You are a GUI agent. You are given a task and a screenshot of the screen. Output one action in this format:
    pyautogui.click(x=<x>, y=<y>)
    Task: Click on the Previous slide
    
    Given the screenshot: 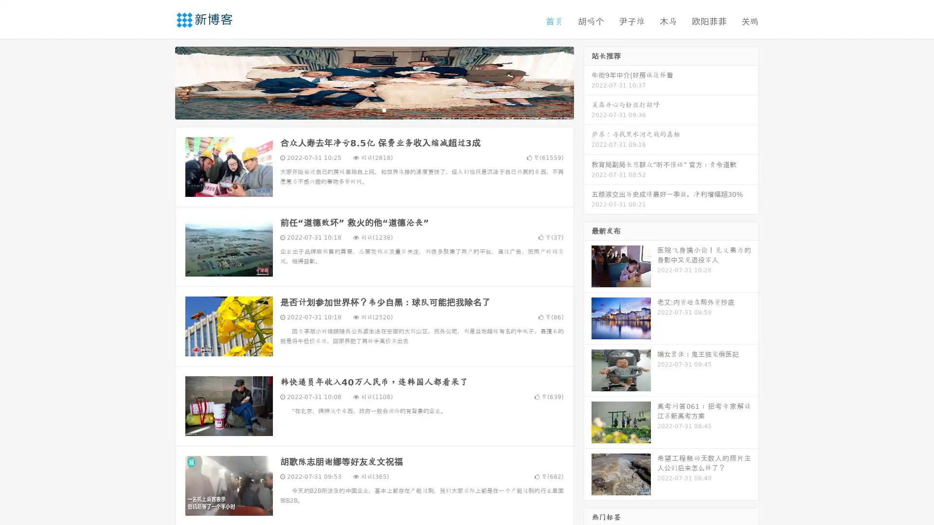 What is the action you would take?
    pyautogui.click(x=161, y=82)
    